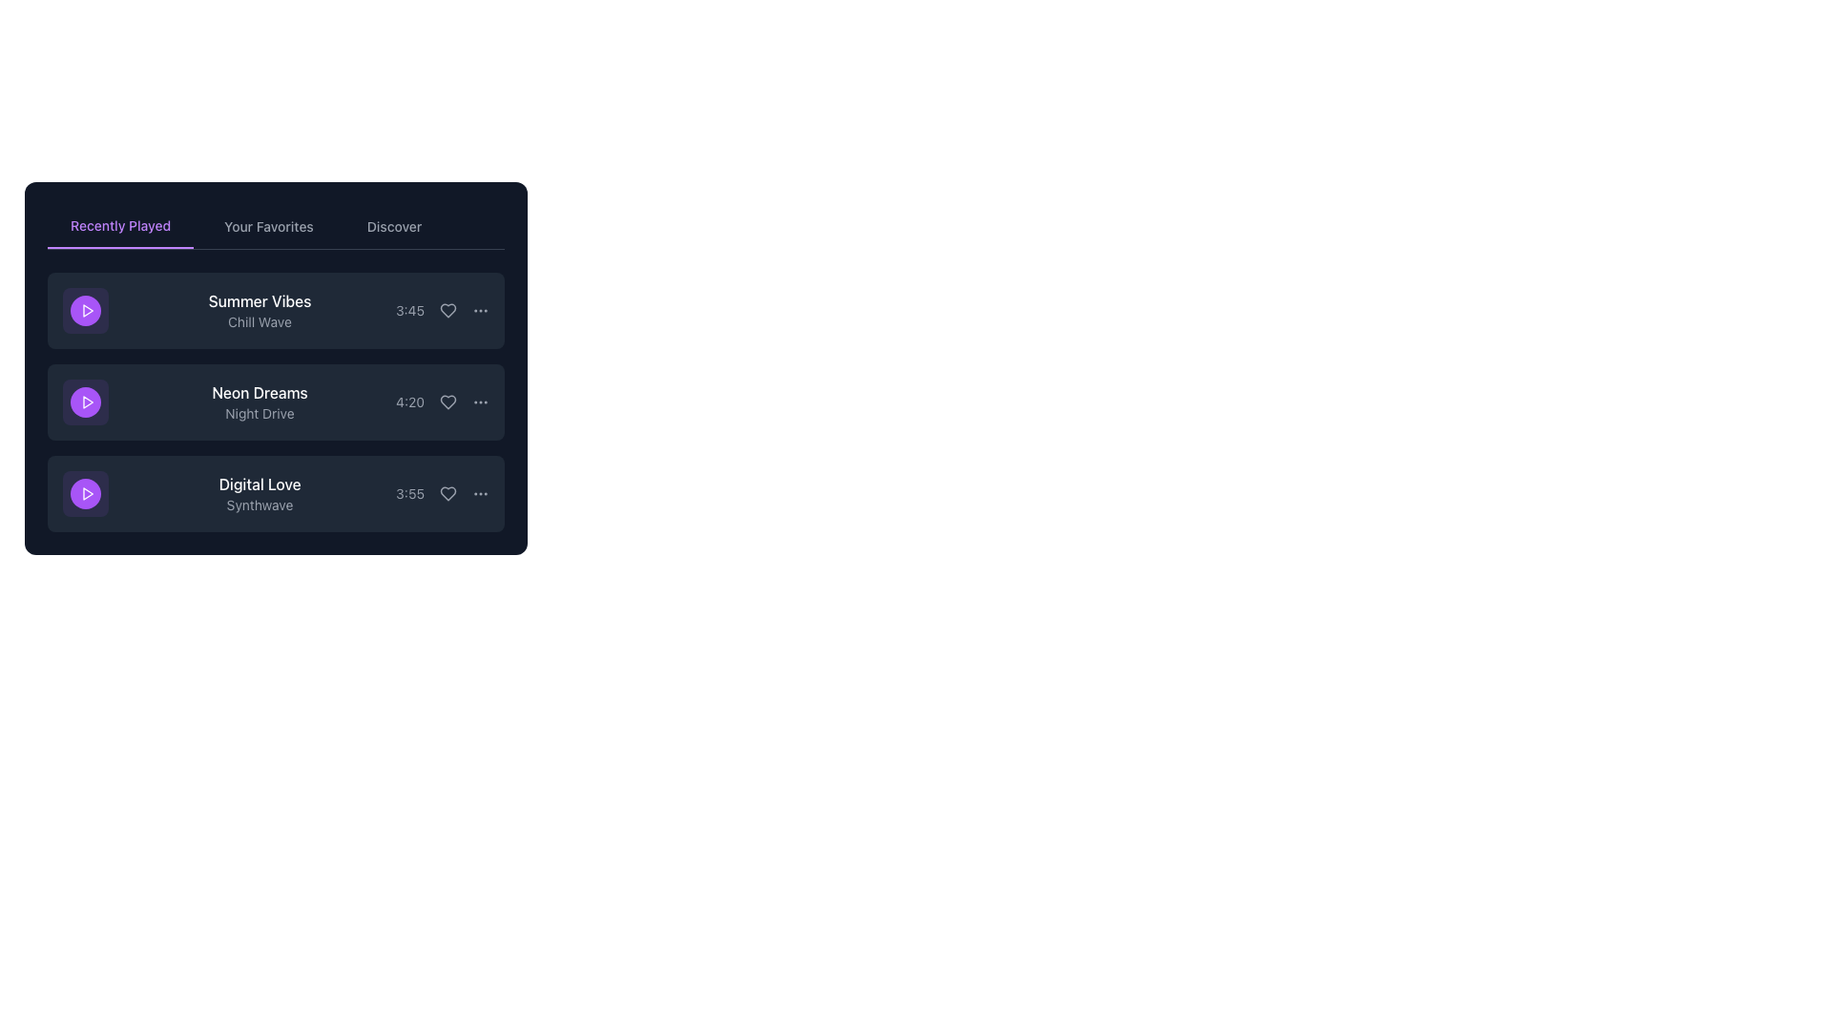 The image size is (1832, 1030). What do you see at coordinates (448, 401) in the screenshot?
I see `the heart icon located to the right of the time display '4:20' in the 'Neon Dreams' track list` at bounding box center [448, 401].